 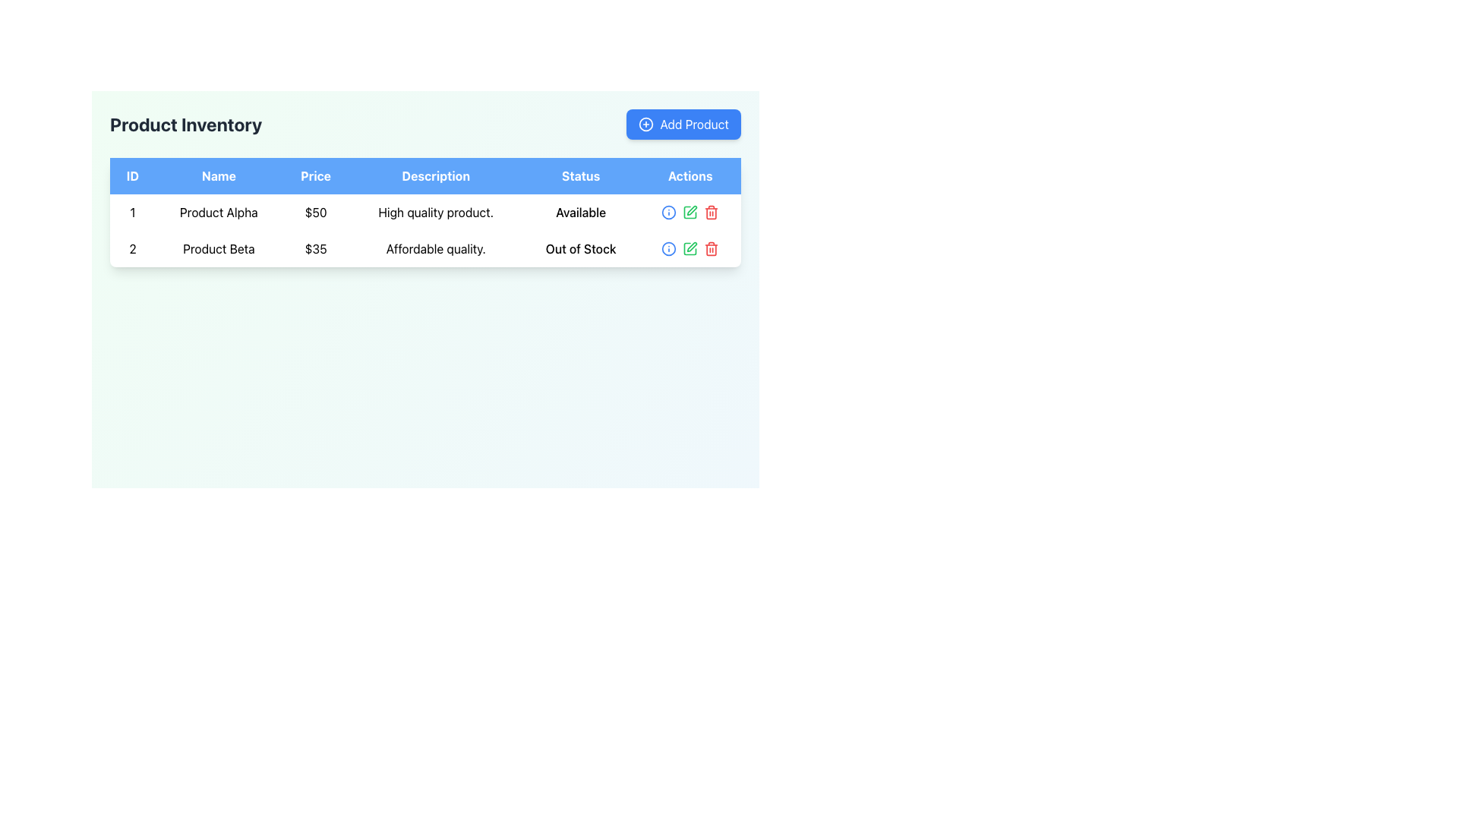 What do you see at coordinates (668, 248) in the screenshot?
I see `the button icon in the 'Actions' column of the first row of the table` at bounding box center [668, 248].